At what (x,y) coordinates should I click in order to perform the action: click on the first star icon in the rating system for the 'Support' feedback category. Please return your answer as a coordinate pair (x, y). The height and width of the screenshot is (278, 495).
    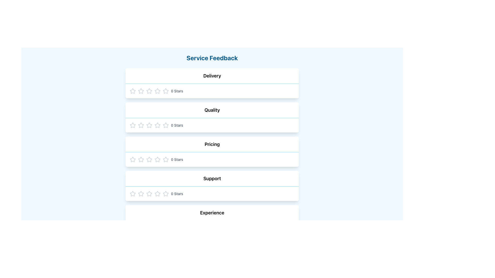
    Looking at the image, I should click on (133, 159).